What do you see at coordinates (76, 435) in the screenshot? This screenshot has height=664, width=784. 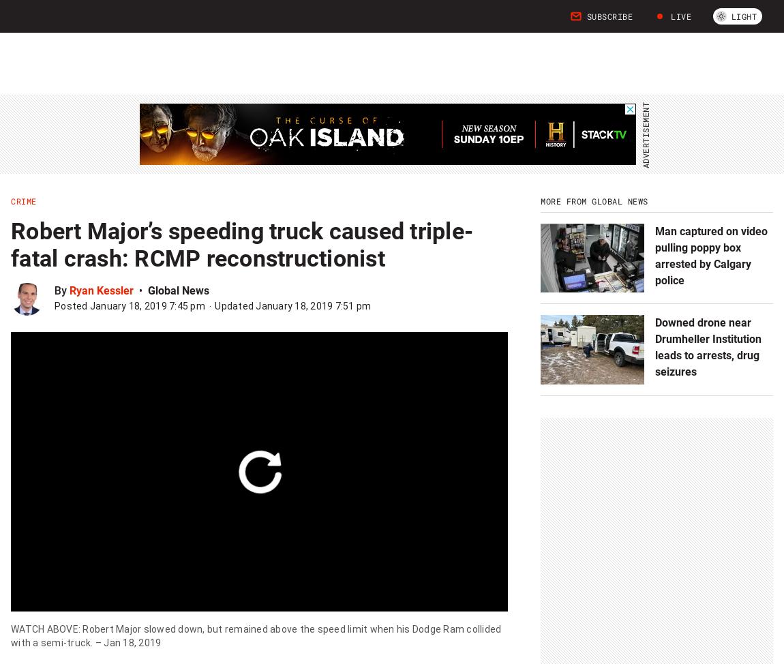 I see `'Accused in London, Ont. attack has mental health issues, expert tells trial'` at bounding box center [76, 435].